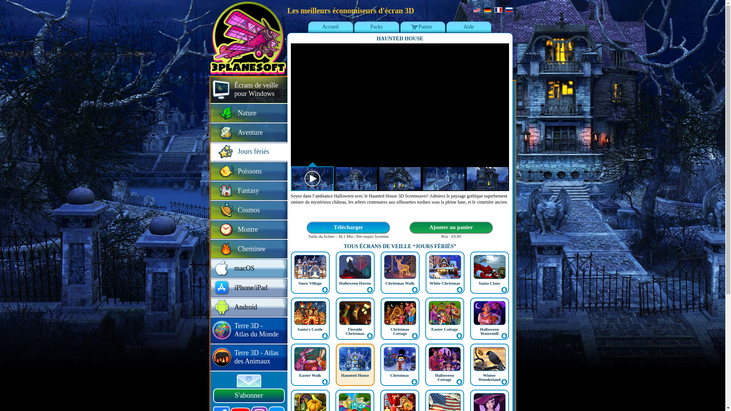 Image resolution: width=731 pixels, height=411 pixels. Describe the element at coordinates (354, 272) in the screenshot. I see `'Halloween Haven'` at that location.